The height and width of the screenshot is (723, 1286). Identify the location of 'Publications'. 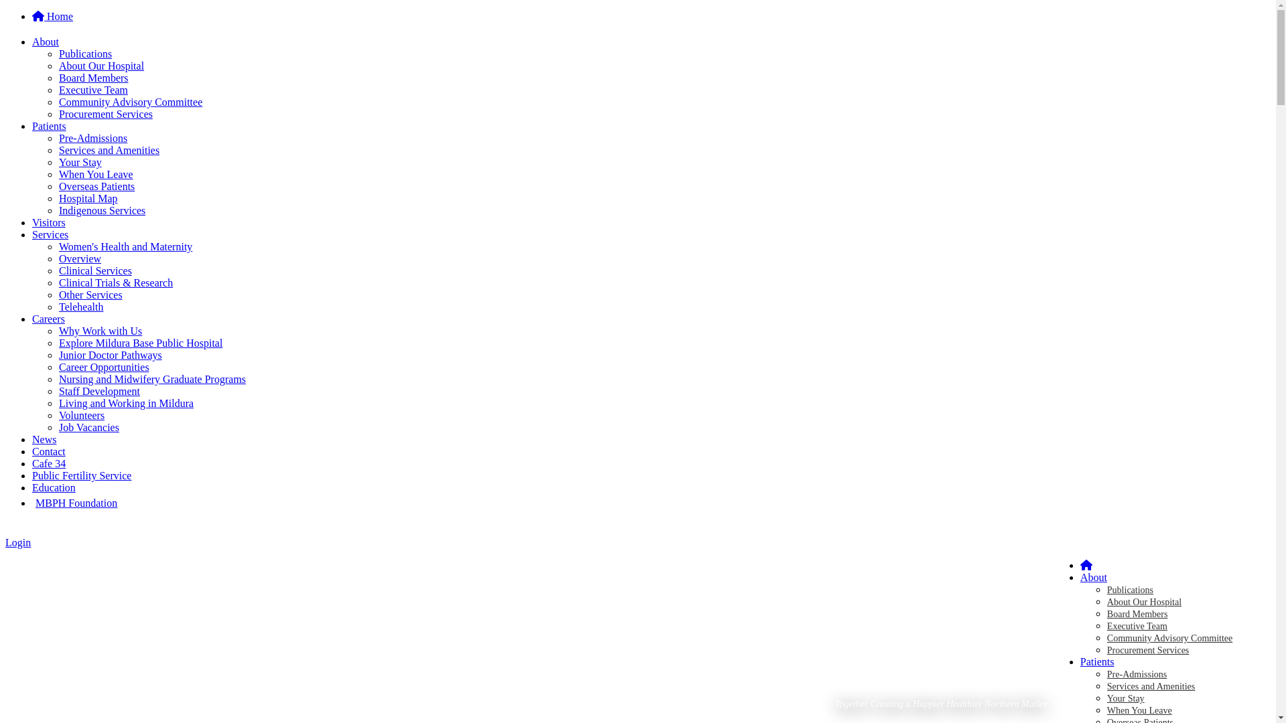
(84, 53).